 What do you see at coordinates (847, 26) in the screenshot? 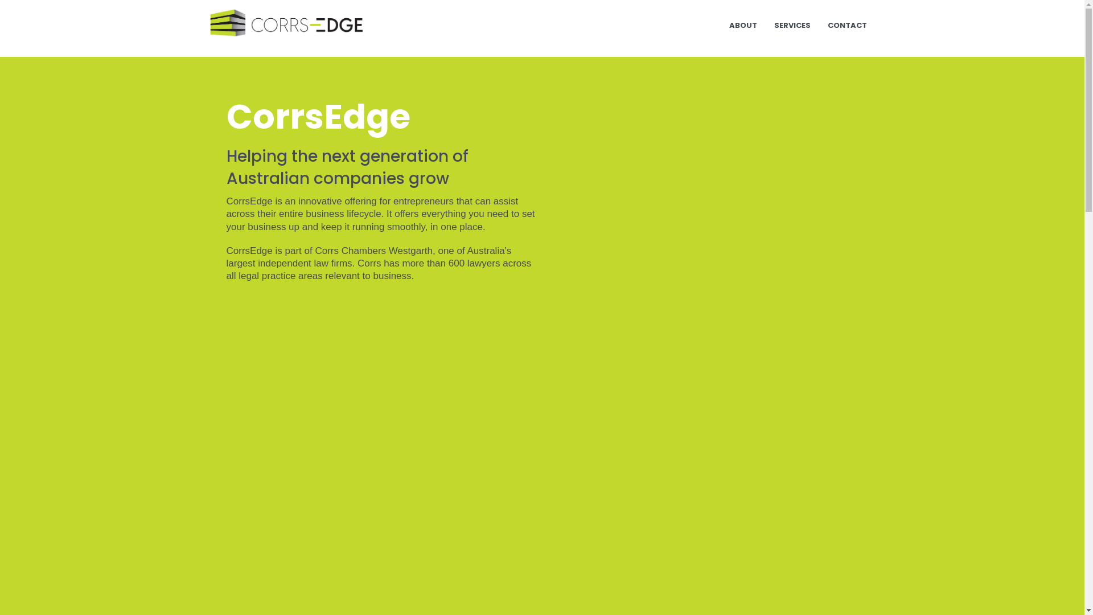
I see `'CONTACT'` at bounding box center [847, 26].